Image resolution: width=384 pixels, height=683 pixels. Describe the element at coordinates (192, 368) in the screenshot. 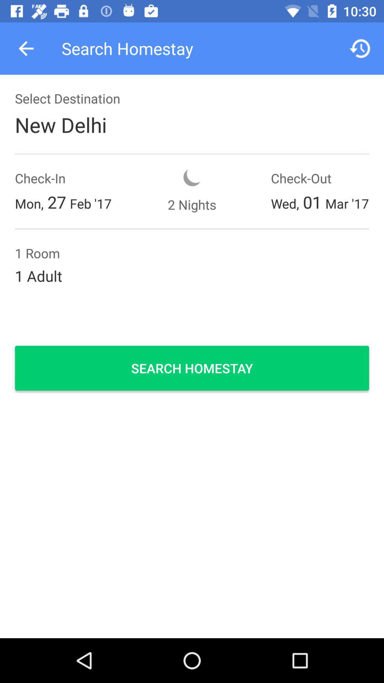

I see `the button  search home stay on the web page` at that location.